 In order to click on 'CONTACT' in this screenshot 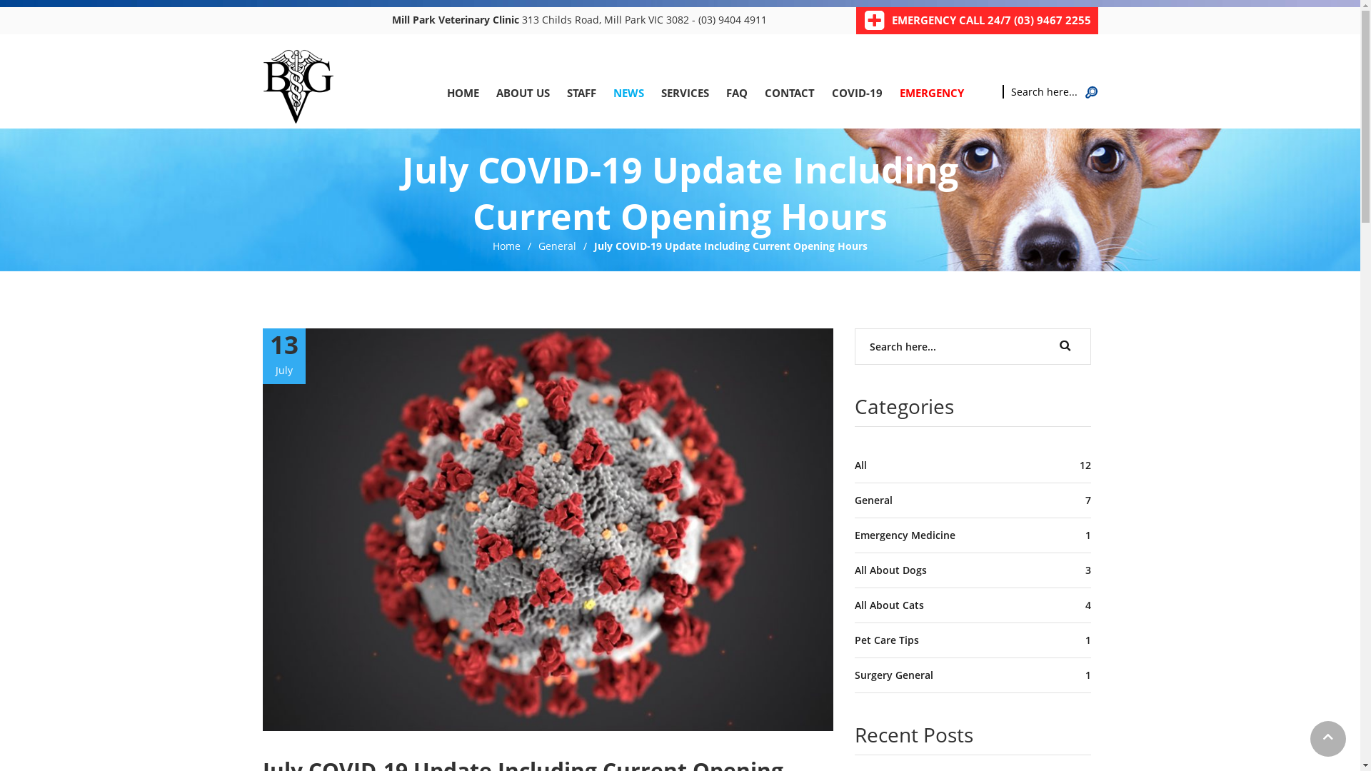, I will do `click(788, 93)`.